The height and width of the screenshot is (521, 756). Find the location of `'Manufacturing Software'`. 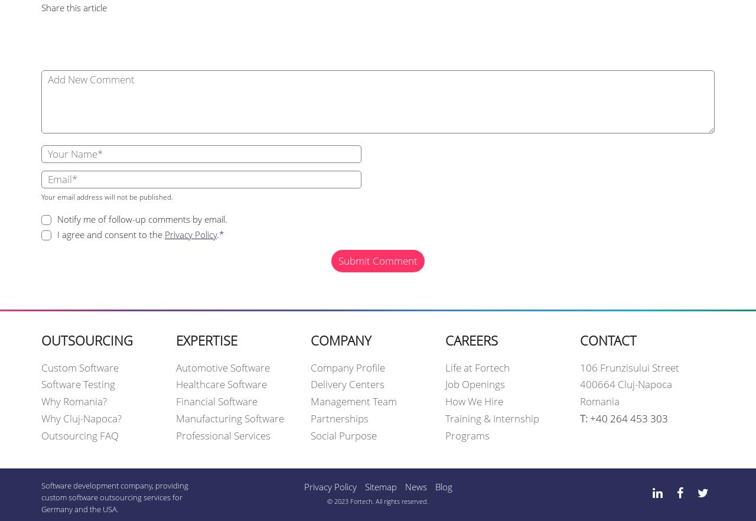

'Manufacturing Software' is located at coordinates (230, 418).